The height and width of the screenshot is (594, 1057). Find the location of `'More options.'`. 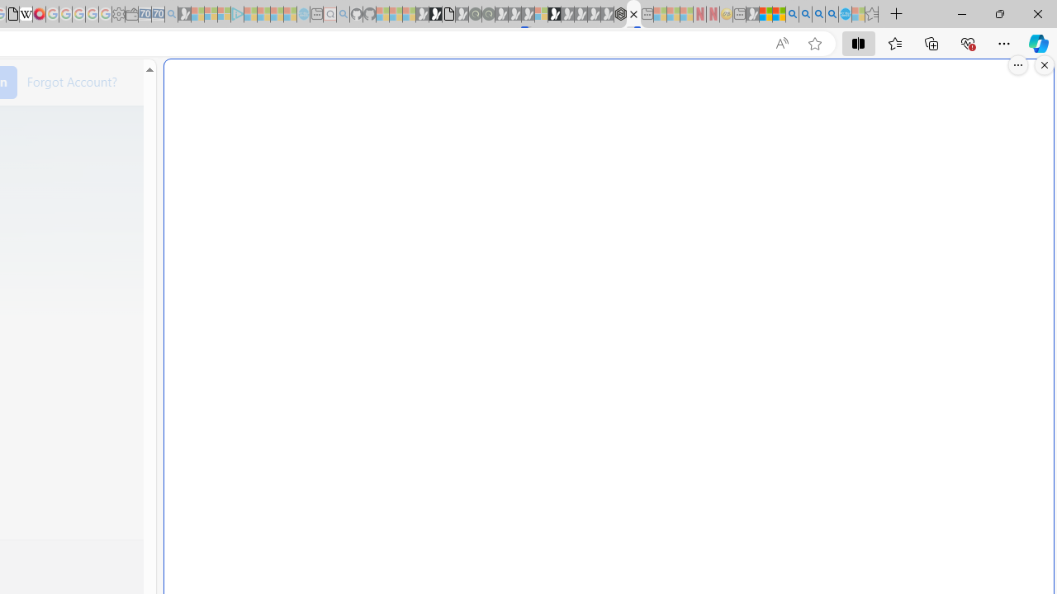

'More options.' is located at coordinates (1017, 64).